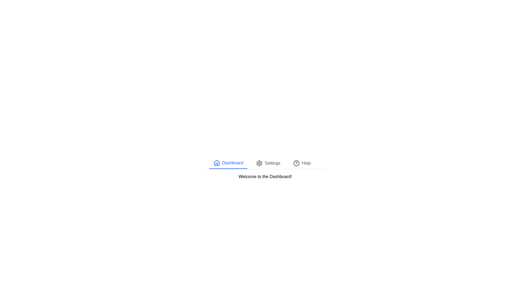 This screenshot has height=291, width=517. Describe the element at coordinates (302, 163) in the screenshot. I see `the Help tab to observe its hover effect` at that location.